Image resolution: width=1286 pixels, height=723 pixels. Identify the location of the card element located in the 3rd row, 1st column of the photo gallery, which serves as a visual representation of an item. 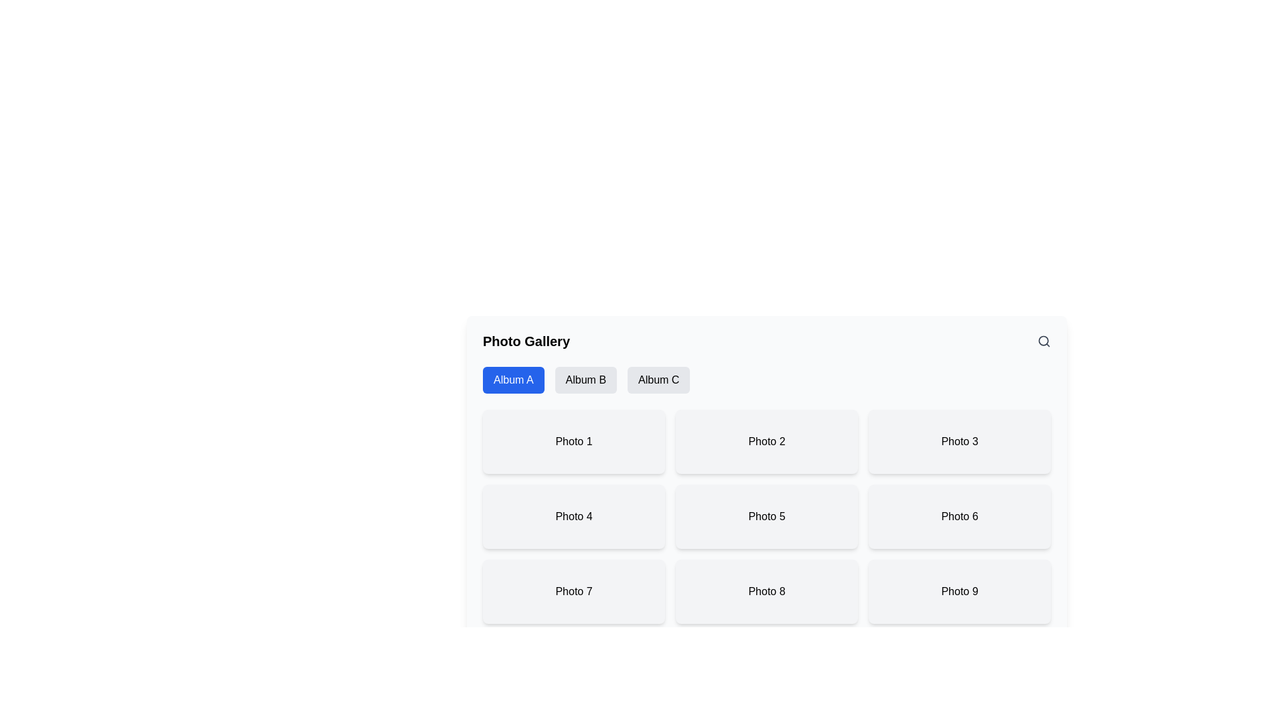
(574, 590).